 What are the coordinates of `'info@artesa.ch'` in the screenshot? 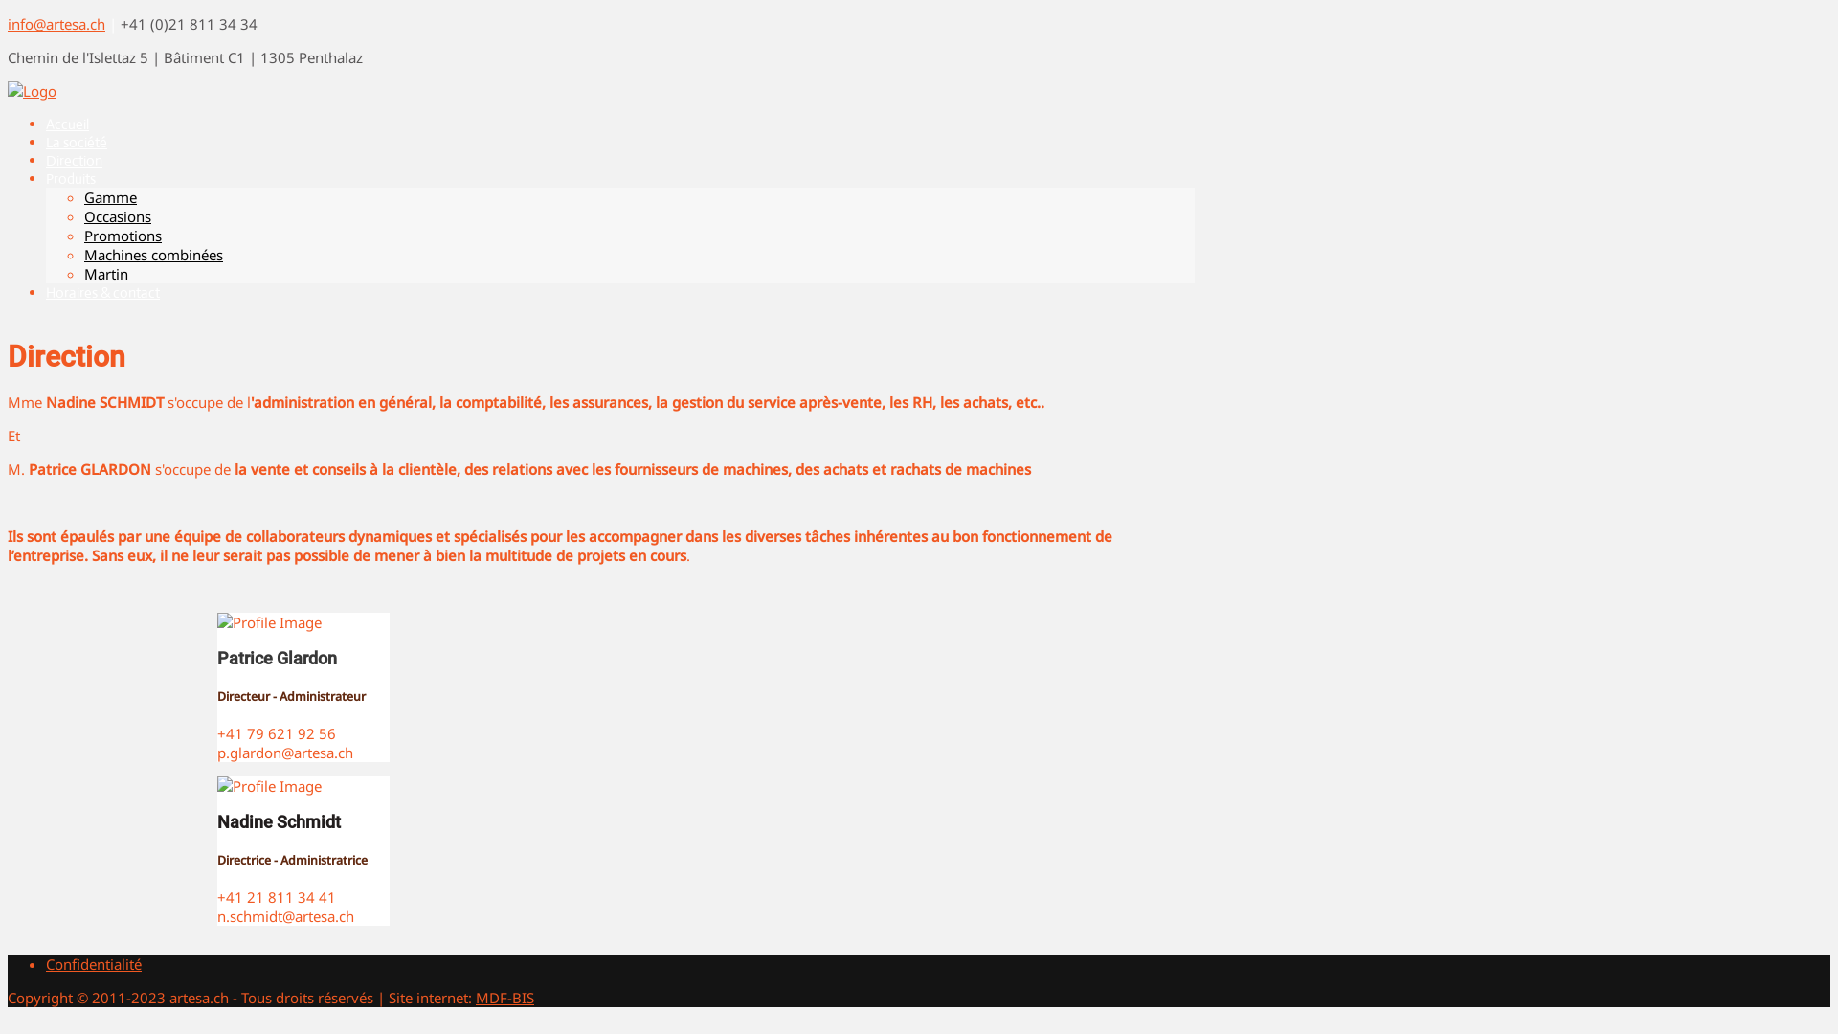 It's located at (56, 23).